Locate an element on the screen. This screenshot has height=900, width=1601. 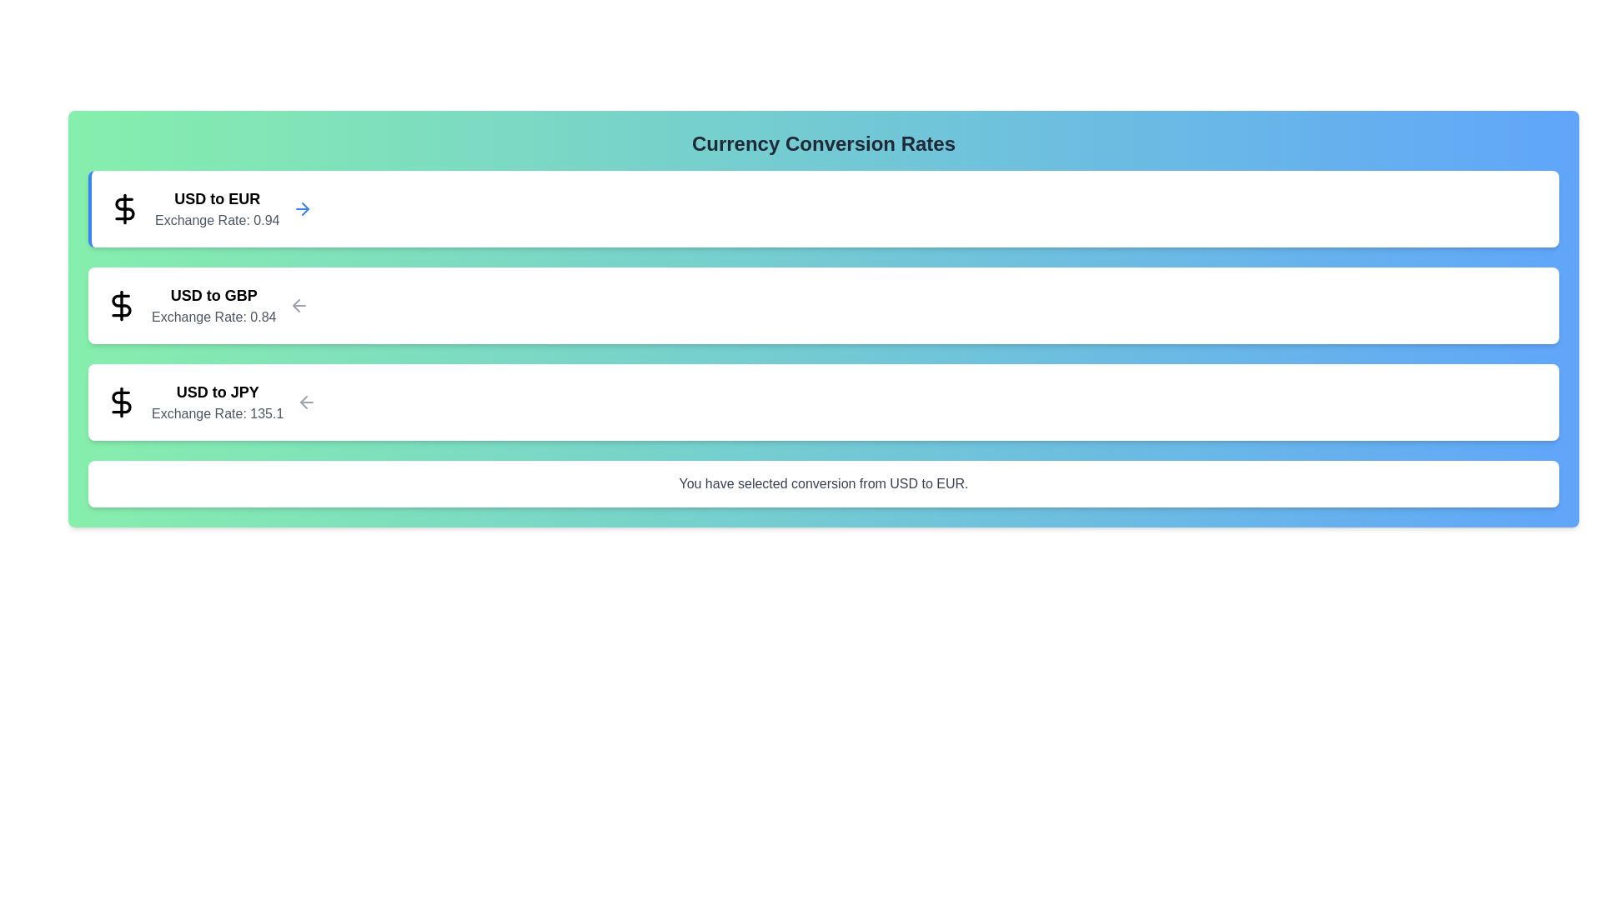
the arrow icon located at the far-right end of the 'USD to EUR' row is located at coordinates (303, 207).